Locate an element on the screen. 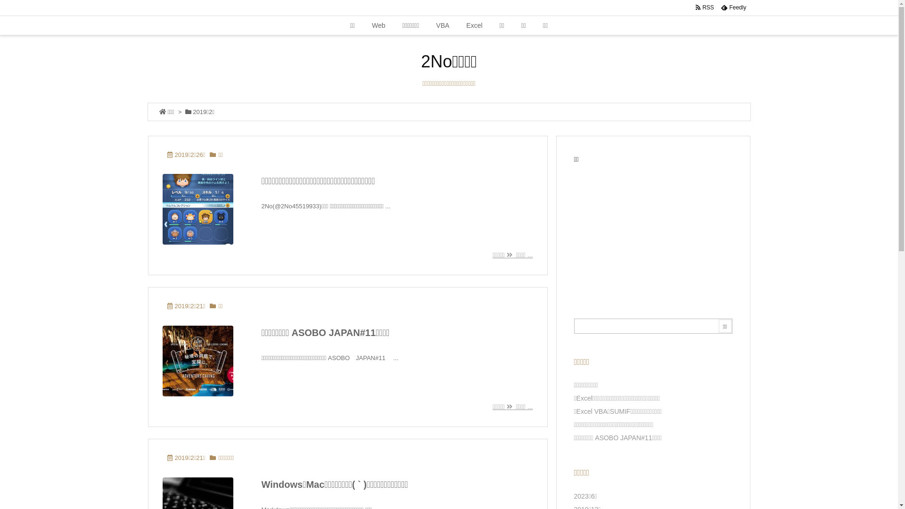  'Web' is located at coordinates (378, 25).